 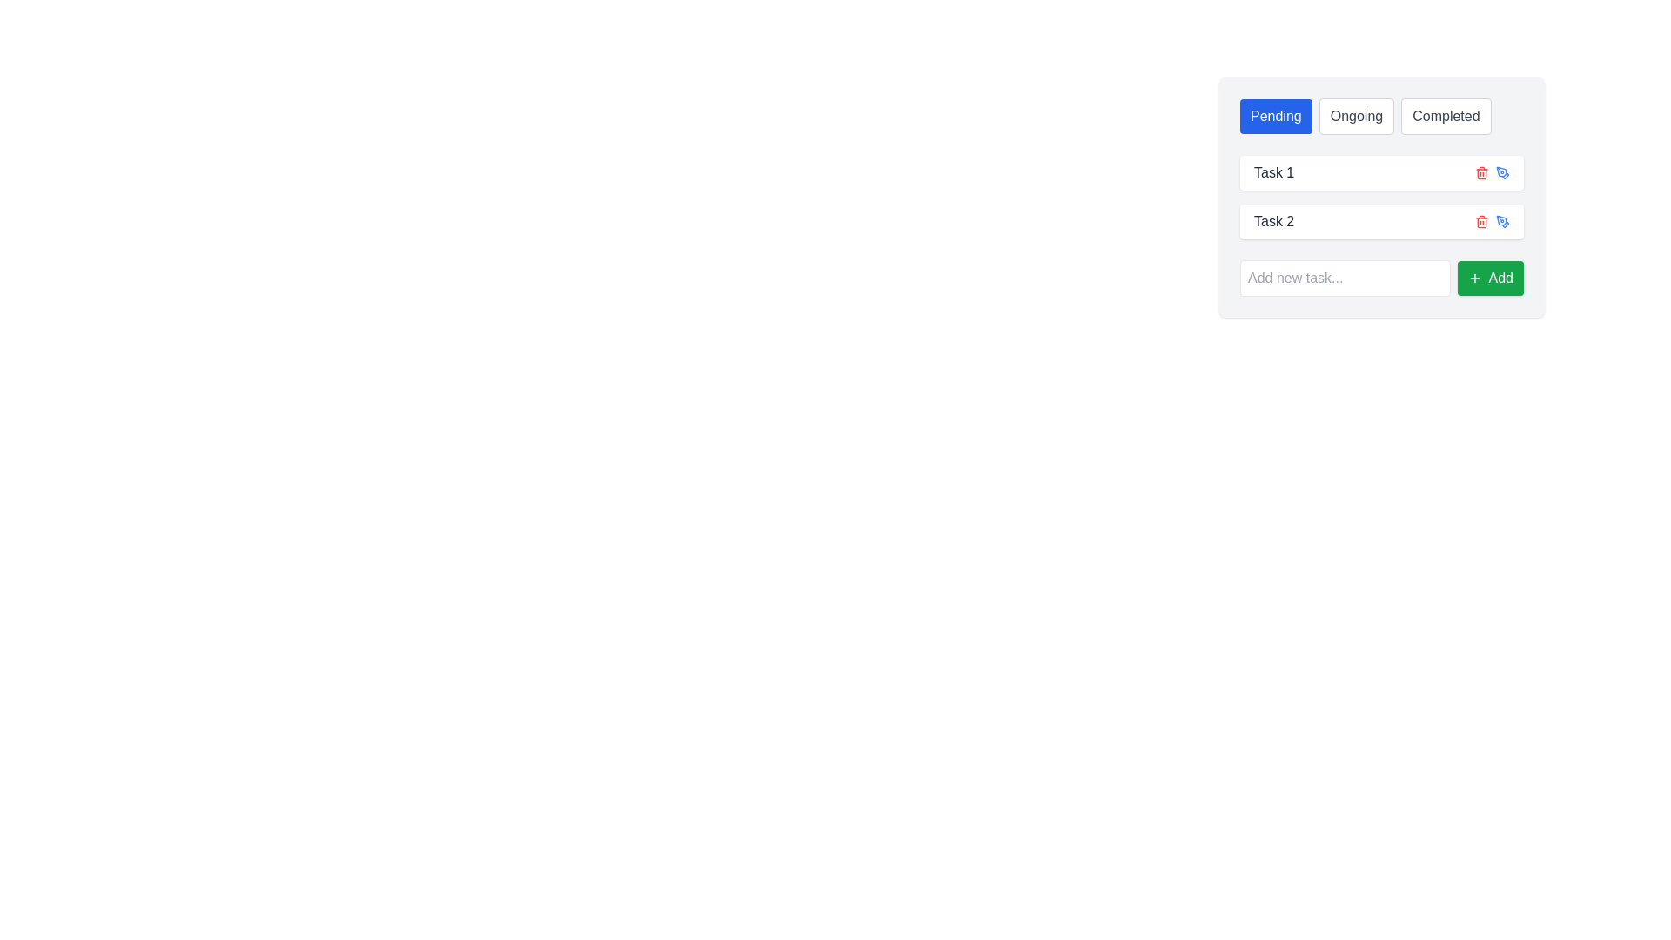 What do you see at coordinates (1446, 117) in the screenshot?
I see `the 'Completed' button, which is a rectangular button with rounded edges, labeled with the text 'Completed' and located on the rightmost side of a row of three buttons in a task management interface` at bounding box center [1446, 117].